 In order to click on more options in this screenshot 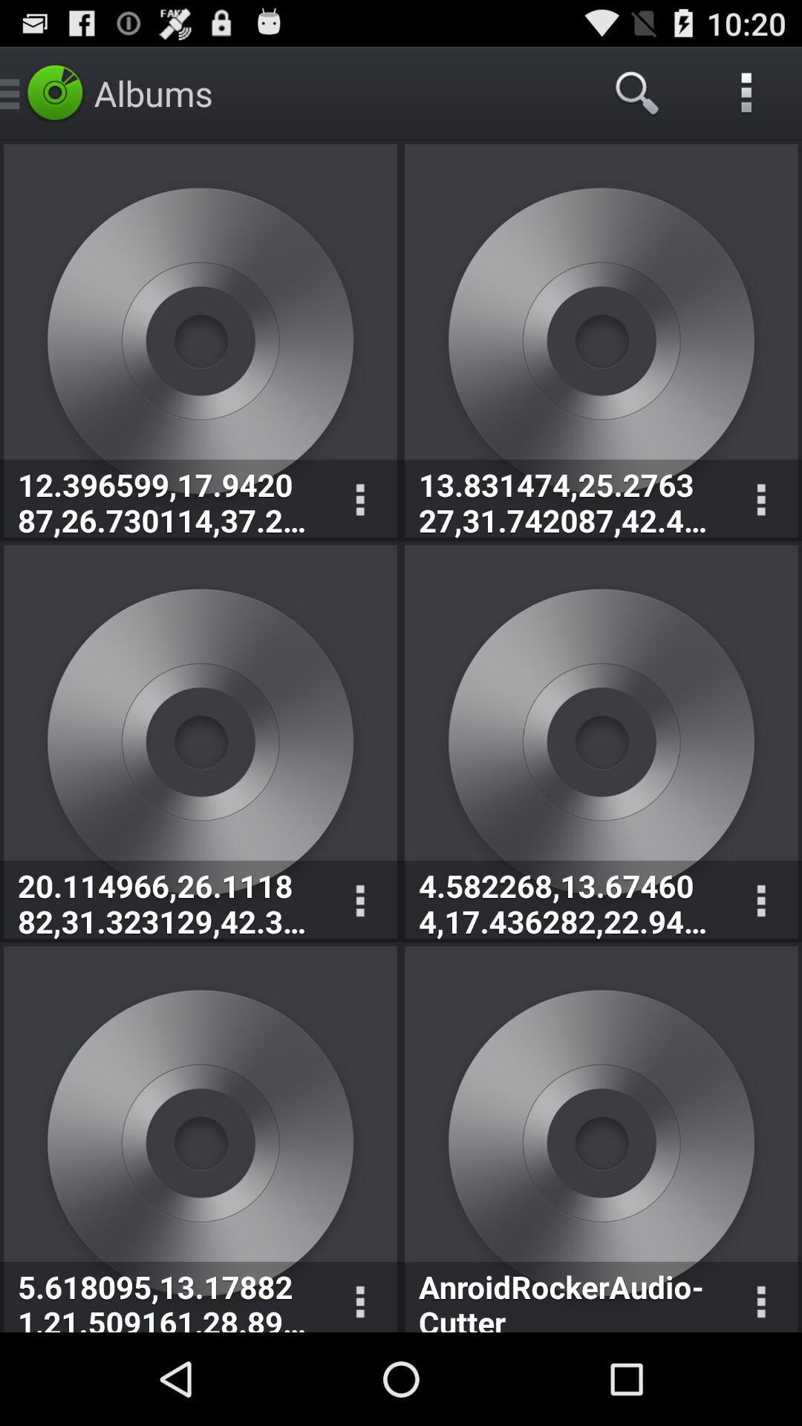, I will do `click(359, 900)`.